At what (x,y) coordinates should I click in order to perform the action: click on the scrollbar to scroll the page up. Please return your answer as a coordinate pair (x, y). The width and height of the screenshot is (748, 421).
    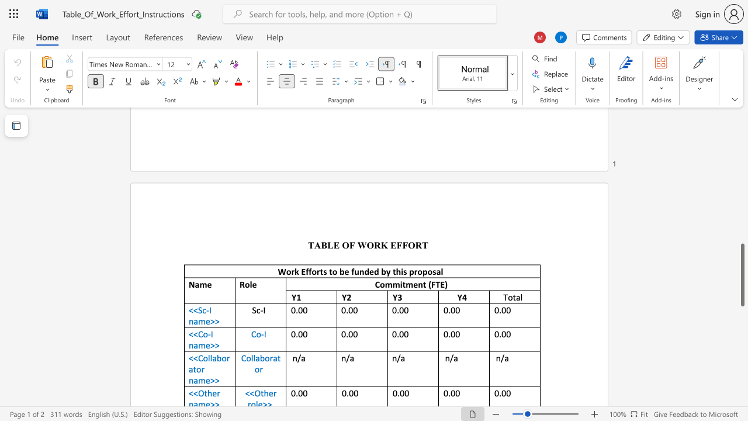
    Looking at the image, I should click on (742, 203).